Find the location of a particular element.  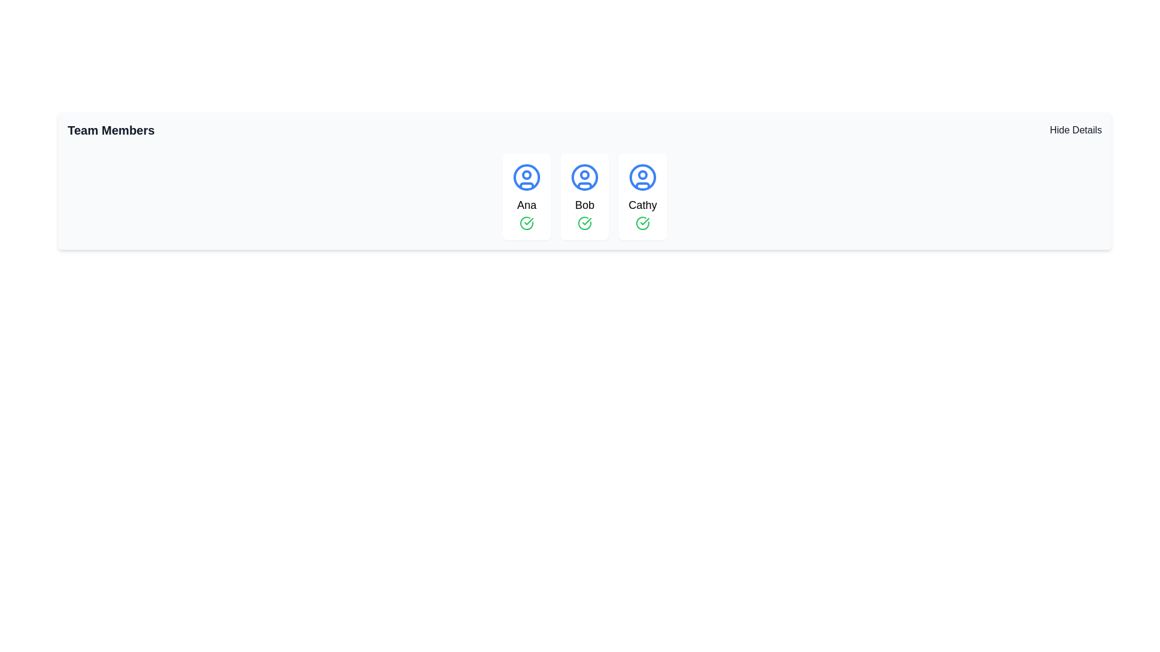

the circular outlined checkmark icon located in the confirmation icon area under the user labeled 'Bob' is located at coordinates (585, 223).